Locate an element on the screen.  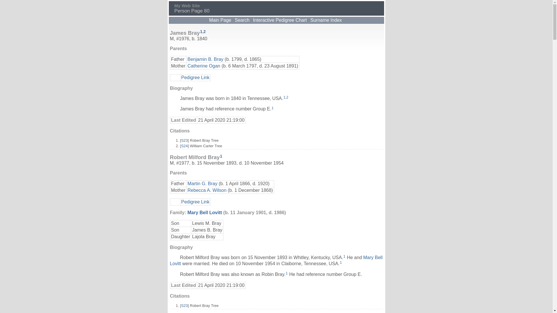
'Pedigree Link' is located at coordinates (195, 77).